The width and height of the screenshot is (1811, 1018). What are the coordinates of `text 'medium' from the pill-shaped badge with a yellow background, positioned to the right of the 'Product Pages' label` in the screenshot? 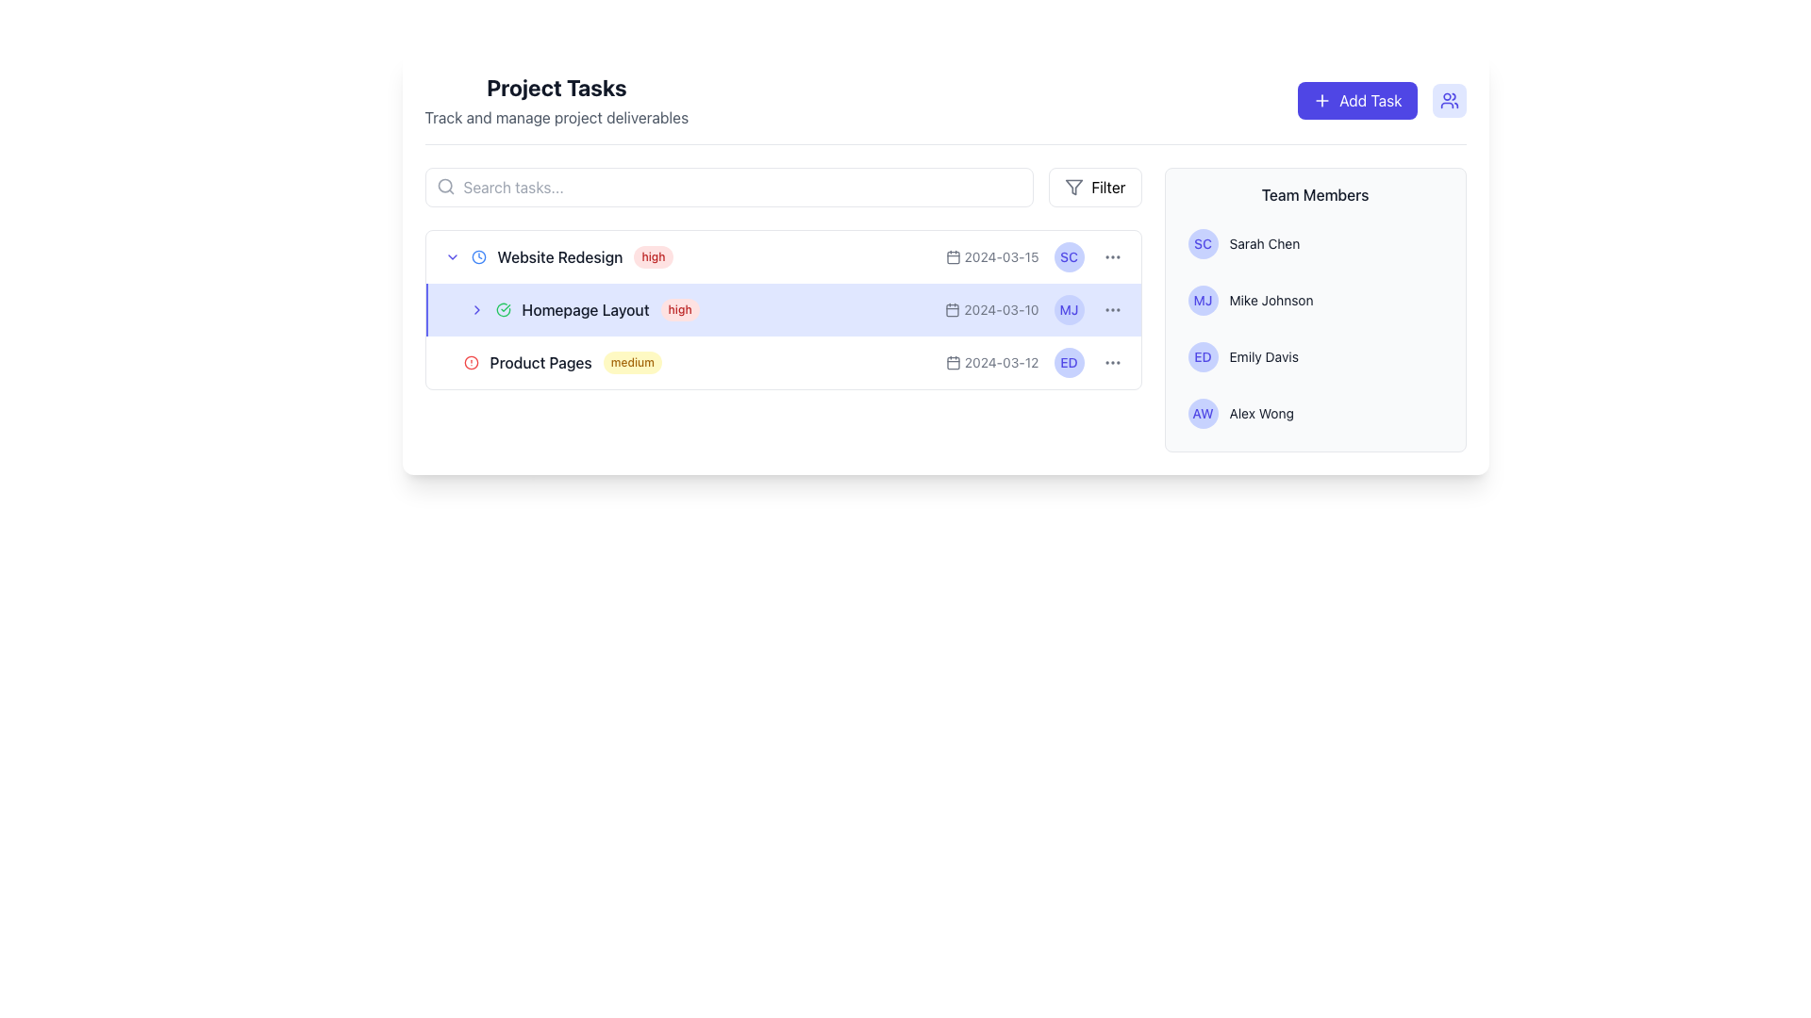 It's located at (632, 363).